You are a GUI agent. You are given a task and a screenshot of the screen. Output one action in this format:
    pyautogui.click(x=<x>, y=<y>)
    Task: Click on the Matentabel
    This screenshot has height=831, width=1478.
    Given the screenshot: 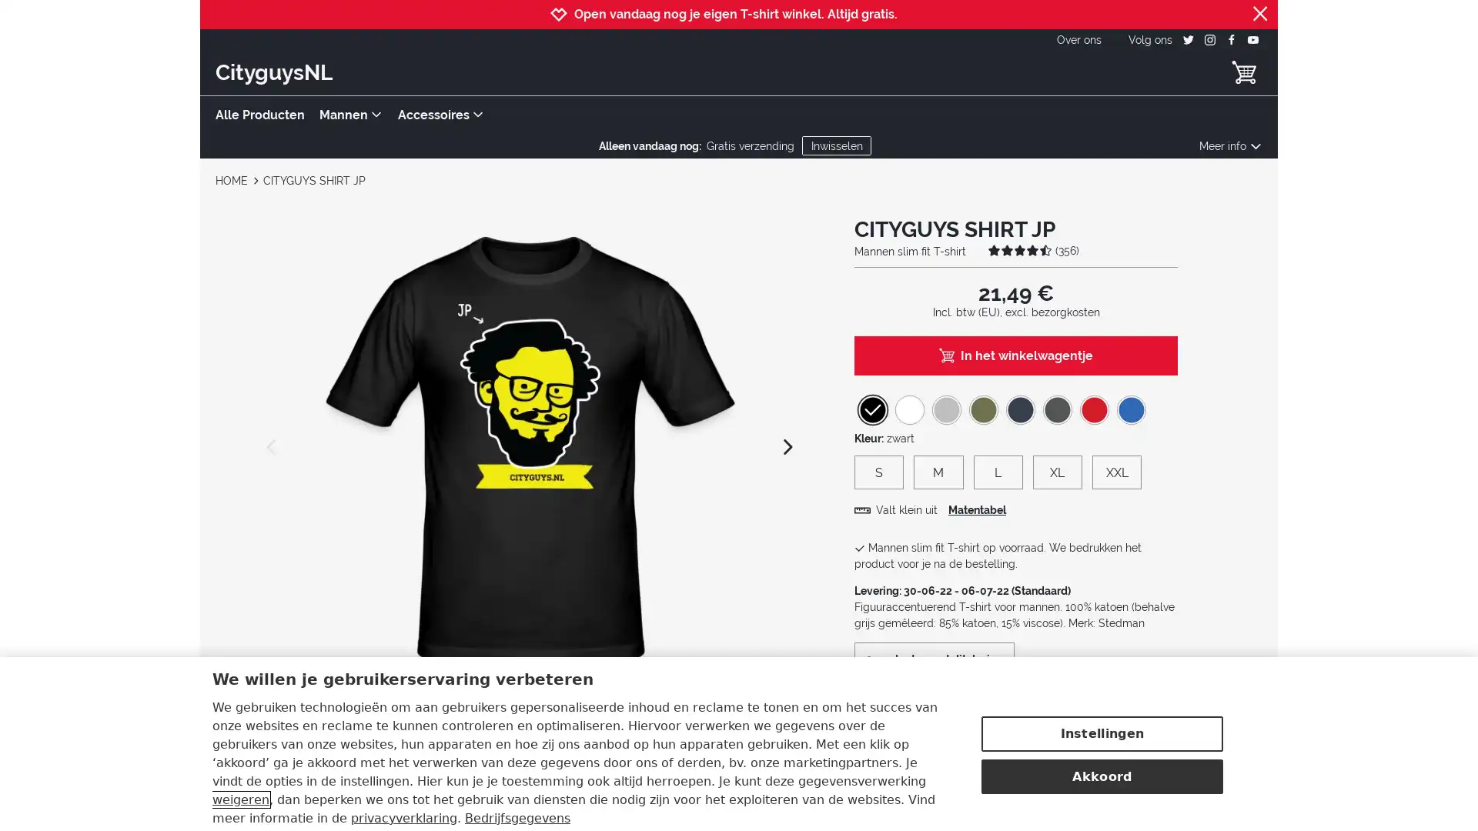 What is the action you would take?
    pyautogui.click(x=976, y=510)
    